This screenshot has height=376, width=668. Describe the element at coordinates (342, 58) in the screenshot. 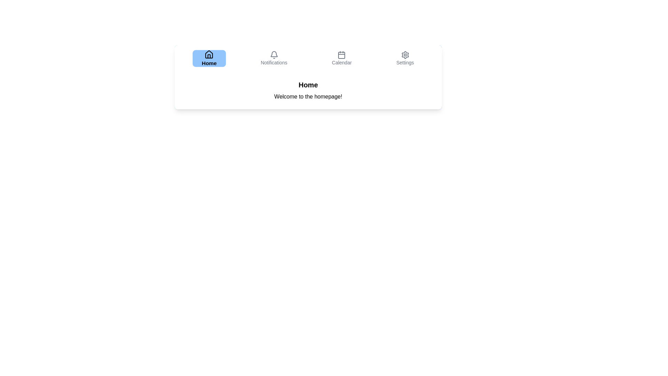

I see `the 'Calendar' button in the navigation menu` at that location.